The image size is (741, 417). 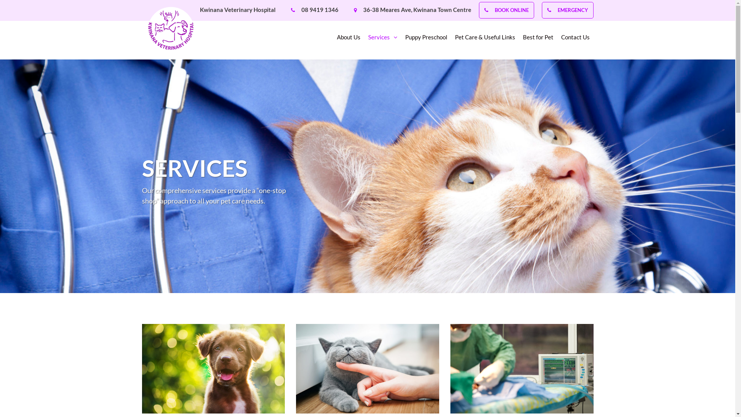 What do you see at coordinates (416, 9) in the screenshot?
I see `'36-38 Meares Ave, Kwinana Town Centre'` at bounding box center [416, 9].